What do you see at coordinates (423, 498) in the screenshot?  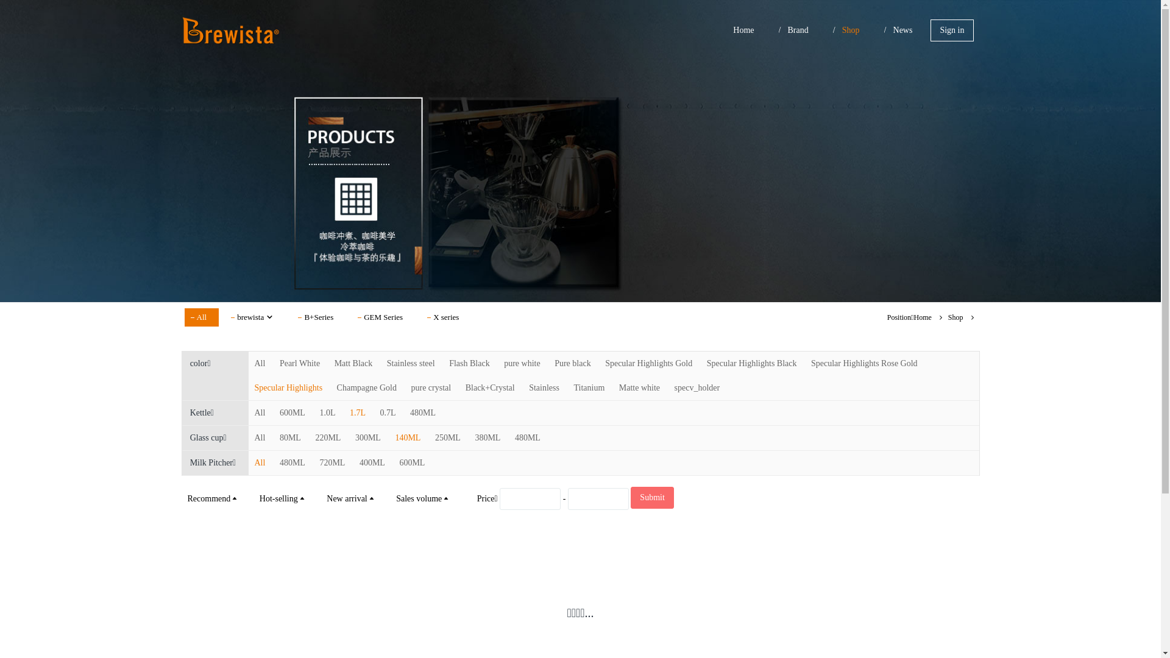 I see `'Sales volume'` at bounding box center [423, 498].